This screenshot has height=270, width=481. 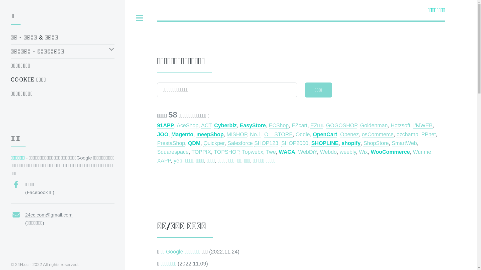 What do you see at coordinates (206, 125) in the screenshot?
I see `'ACT'` at bounding box center [206, 125].